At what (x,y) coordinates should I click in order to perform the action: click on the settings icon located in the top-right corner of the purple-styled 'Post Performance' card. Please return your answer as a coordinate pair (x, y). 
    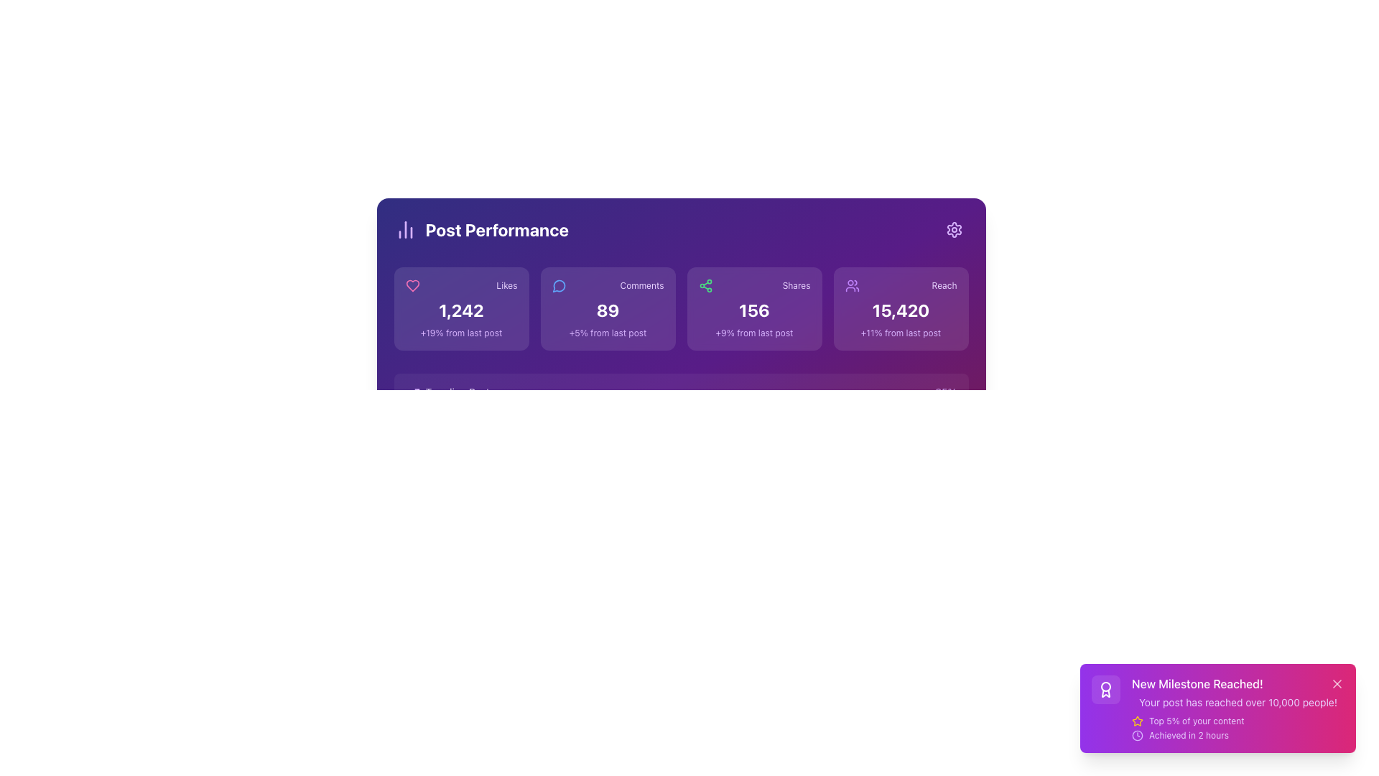
    Looking at the image, I should click on (954, 229).